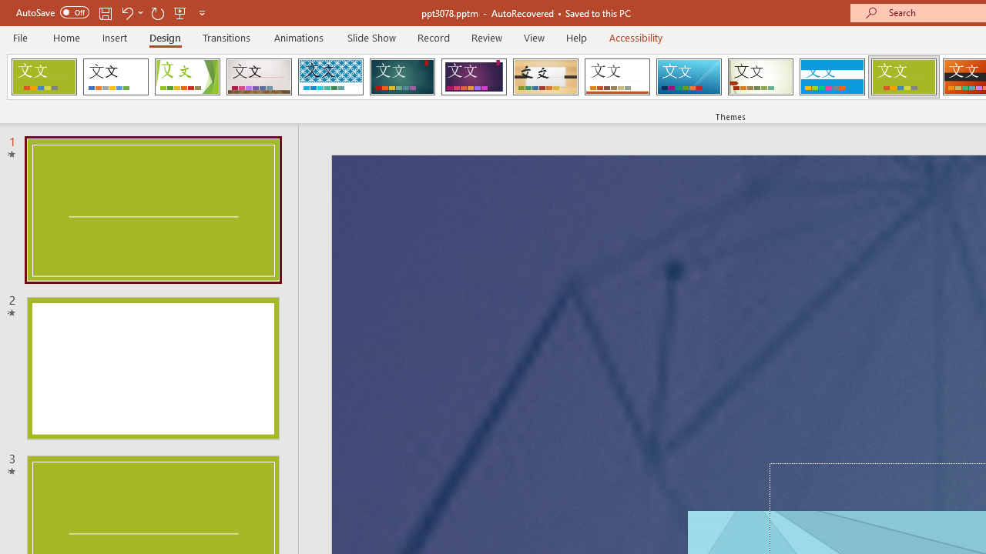 The height and width of the screenshot is (554, 986). Describe the element at coordinates (831, 77) in the screenshot. I see `'Banded'` at that location.